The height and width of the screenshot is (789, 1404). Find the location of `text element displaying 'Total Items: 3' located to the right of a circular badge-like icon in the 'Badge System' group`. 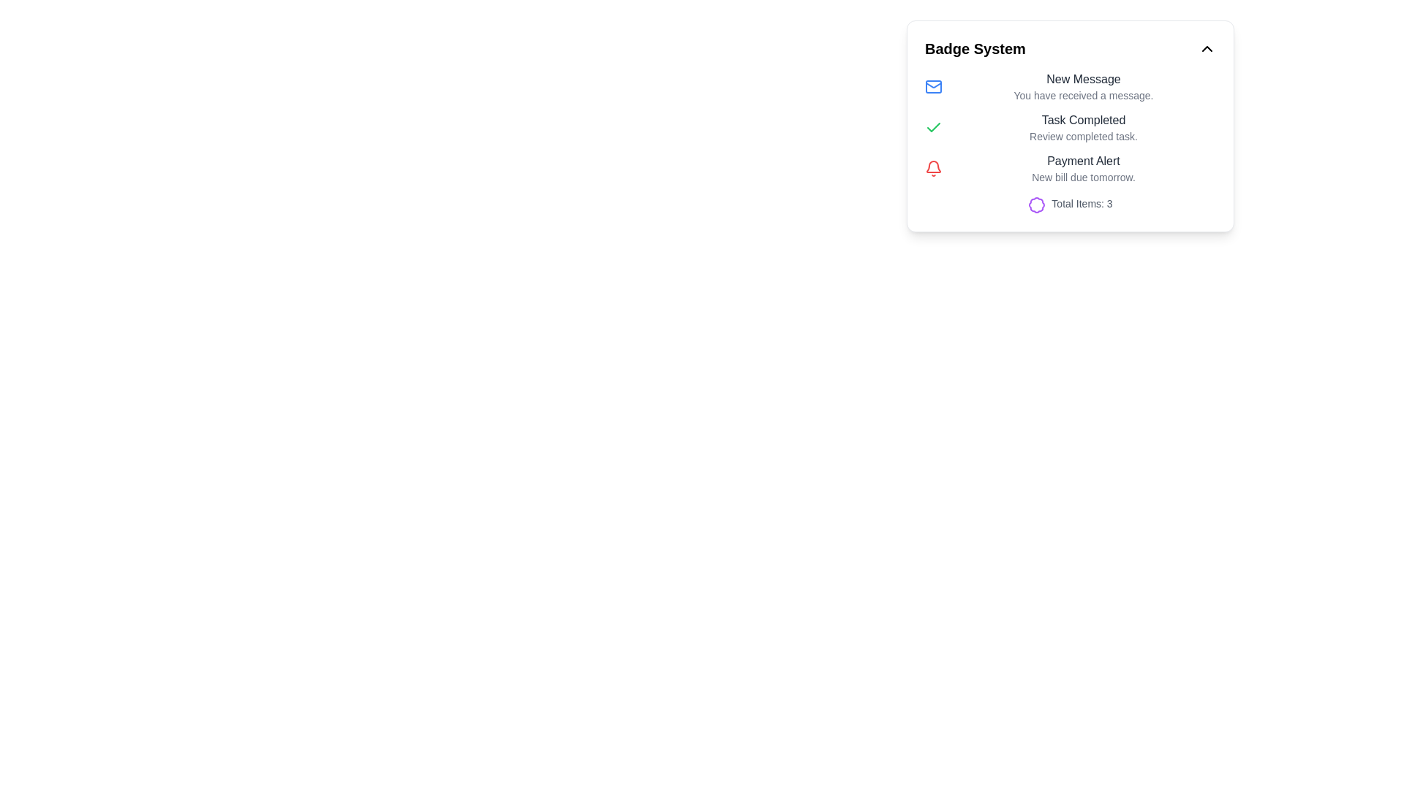

text element displaying 'Total Items: 3' located to the right of a circular badge-like icon in the 'Badge System' group is located at coordinates (1082, 205).